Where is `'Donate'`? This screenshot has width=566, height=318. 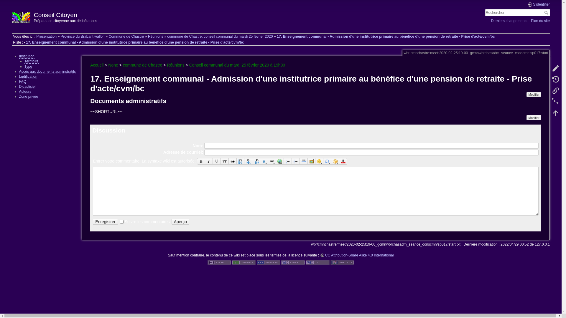 'Donate' is located at coordinates (243, 262).